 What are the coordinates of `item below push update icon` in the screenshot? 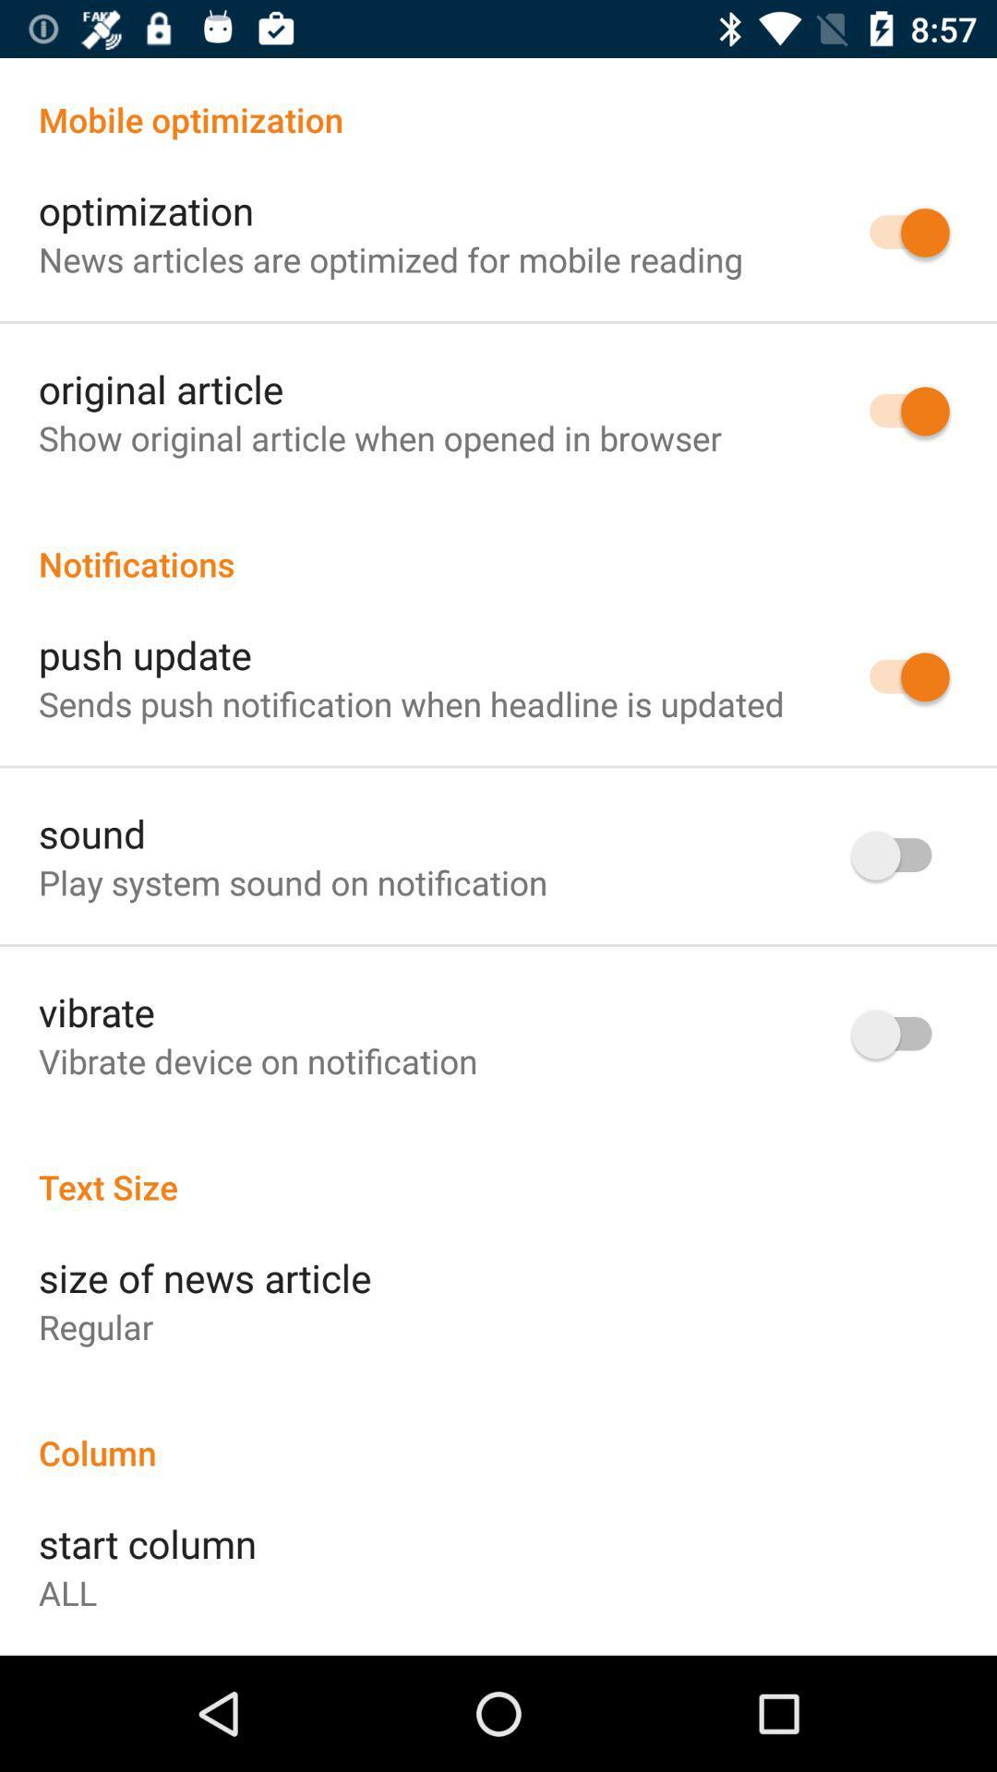 It's located at (410, 702).